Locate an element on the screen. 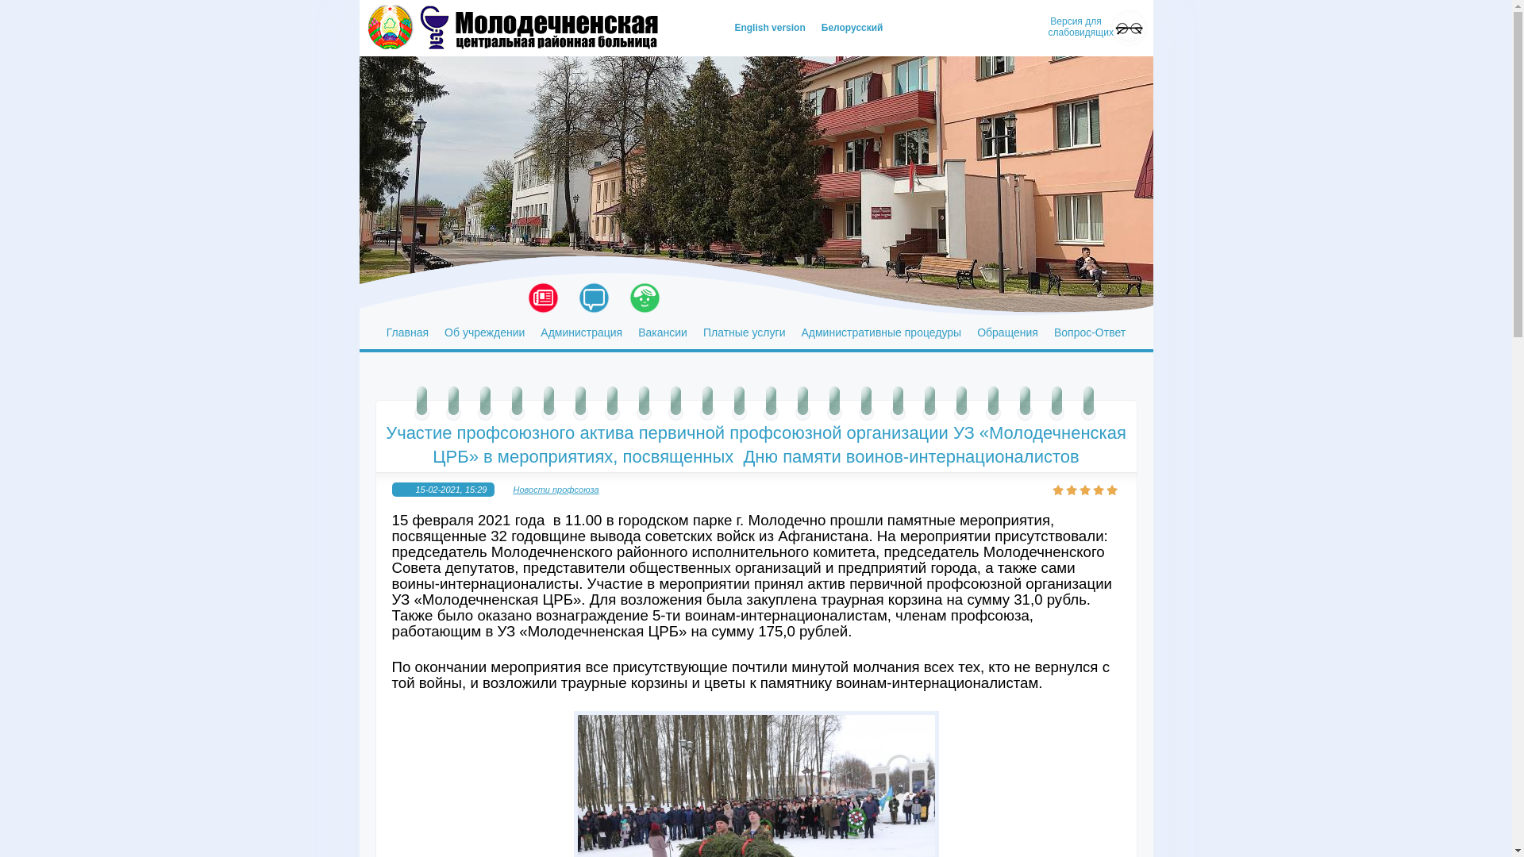 The width and height of the screenshot is (1524, 857). '2' is located at coordinates (1072, 489).